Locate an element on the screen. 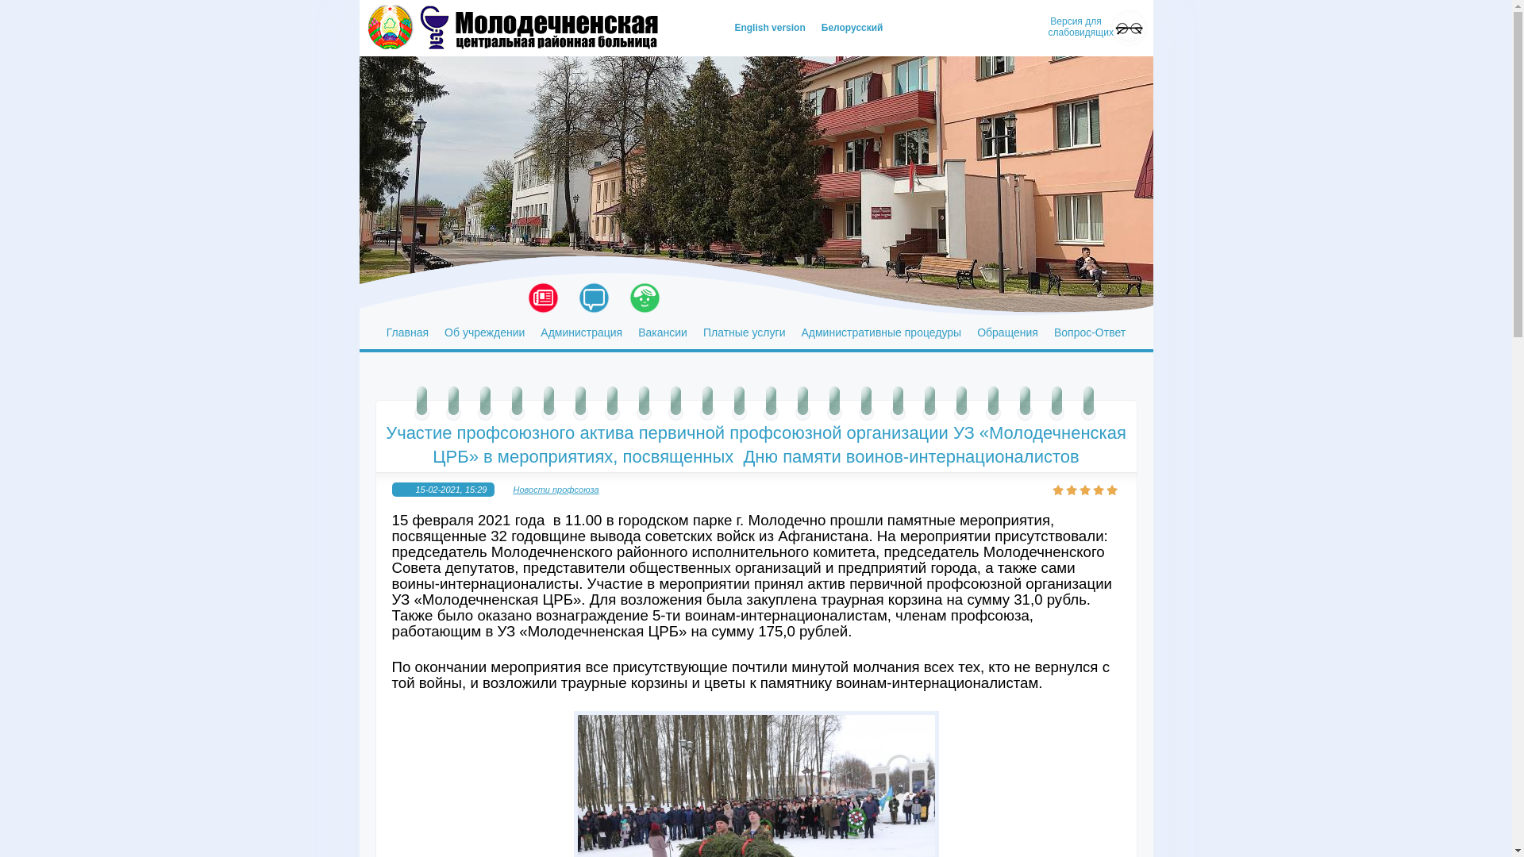 The width and height of the screenshot is (1524, 857). '2' is located at coordinates (1072, 489).